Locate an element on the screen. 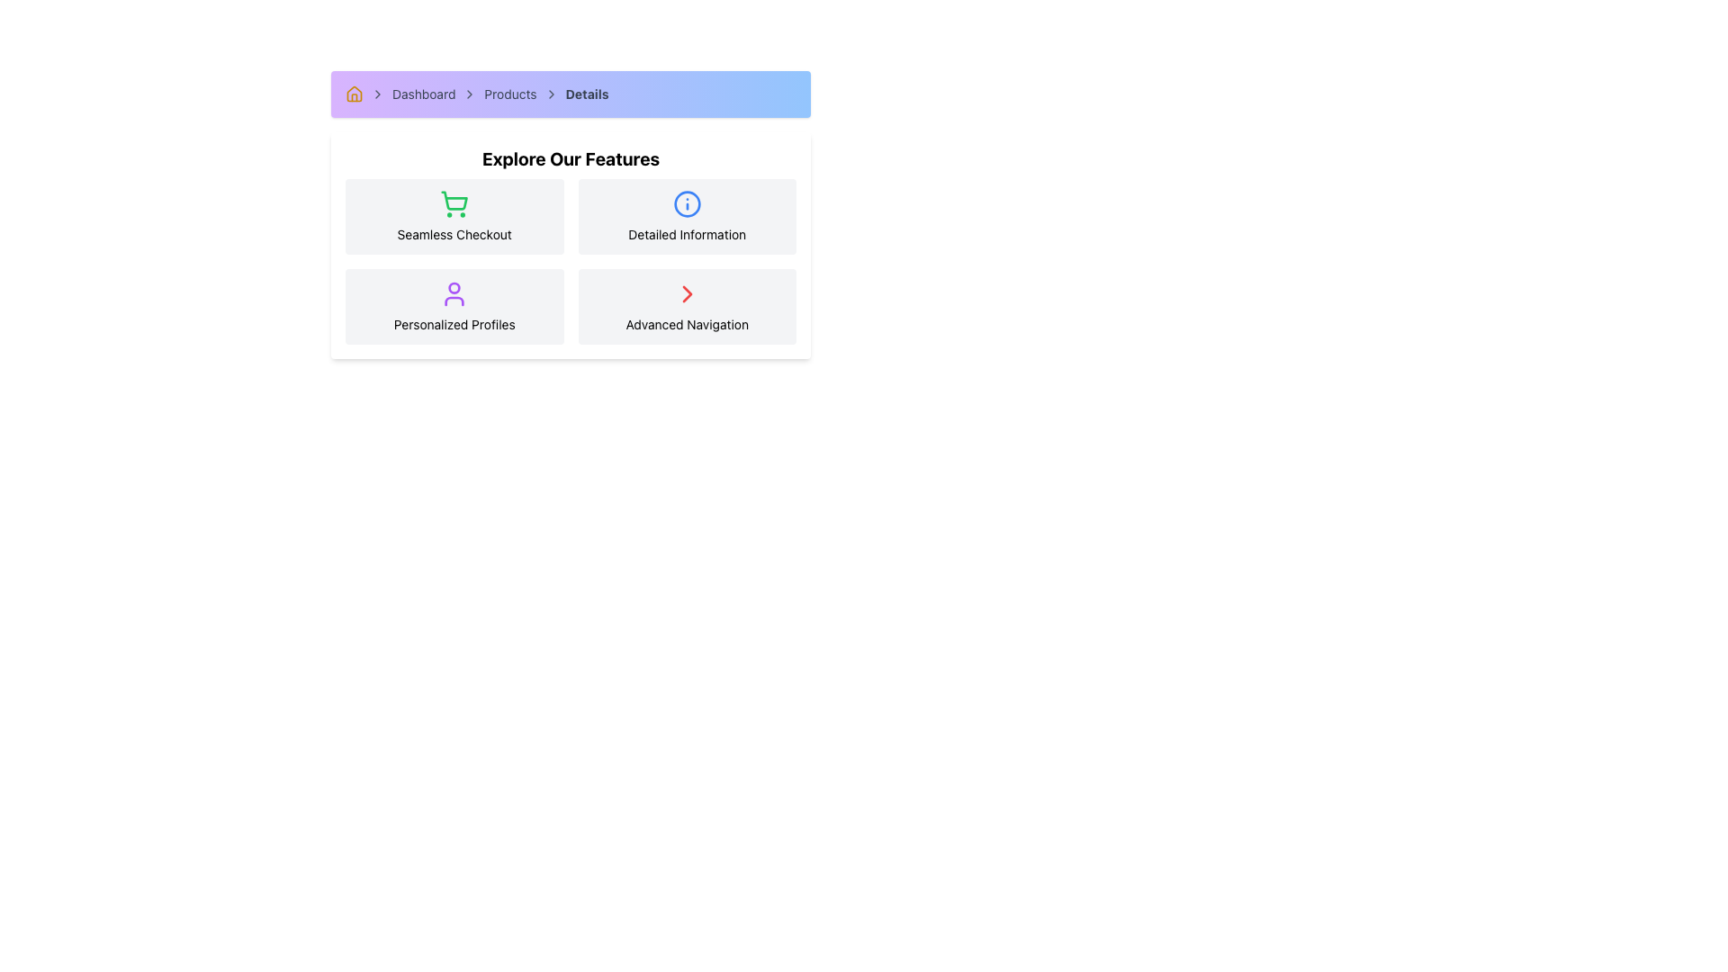  the 'Dashboard' text label in the breadcrumb navigation bar to examine the hover effect is located at coordinates (423, 94).